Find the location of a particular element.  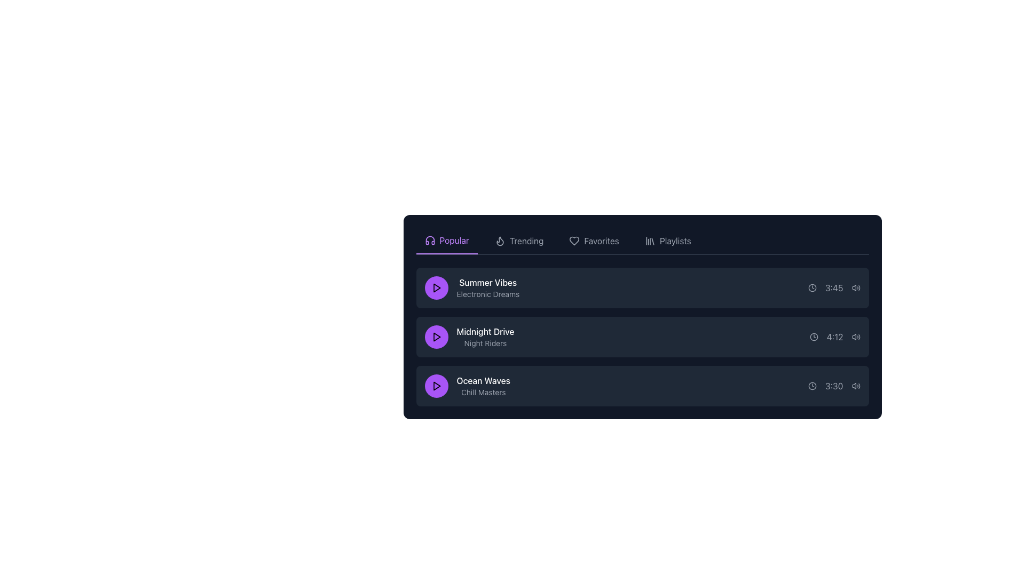

the play button for the 'Midnight Drive' media item, which is the second button in a vertical list of media playback options is located at coordinates (436, 337).